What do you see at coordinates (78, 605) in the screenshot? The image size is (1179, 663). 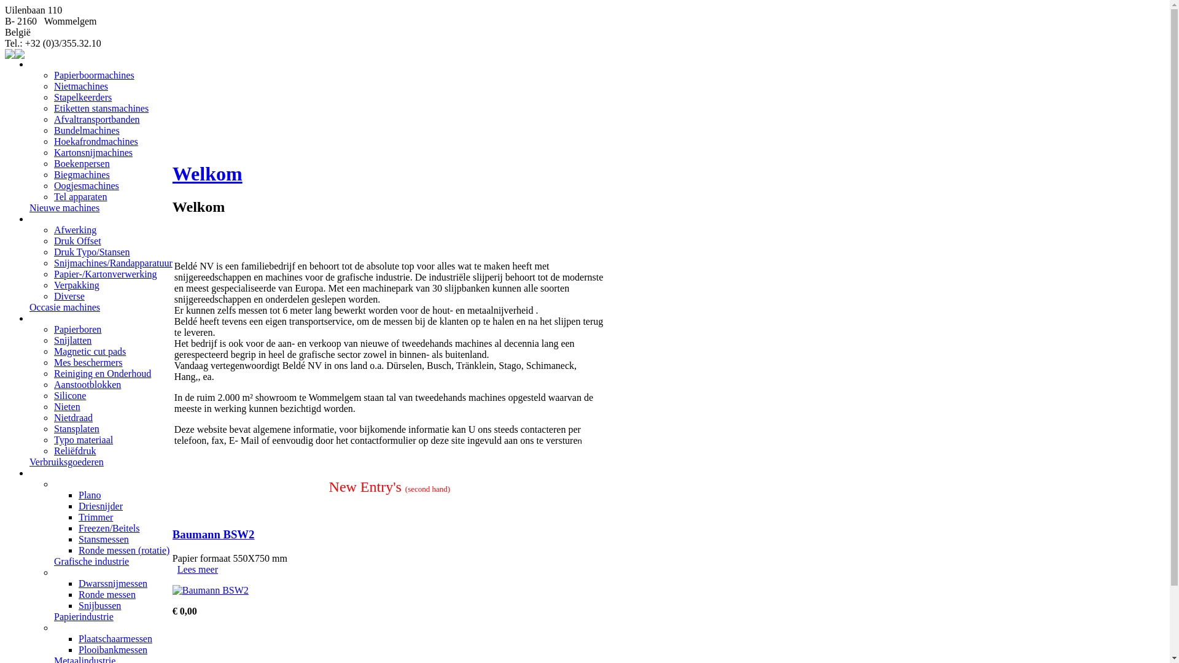 I see `'Snijbussen'` at bounding box center [78, 605].